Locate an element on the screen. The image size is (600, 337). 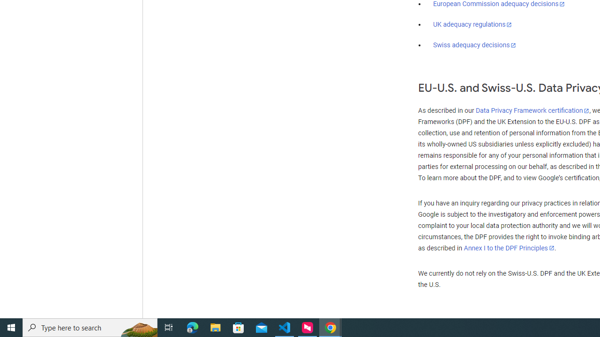
'European Commission adequacy decisions' is located at coordinates (498, 4).